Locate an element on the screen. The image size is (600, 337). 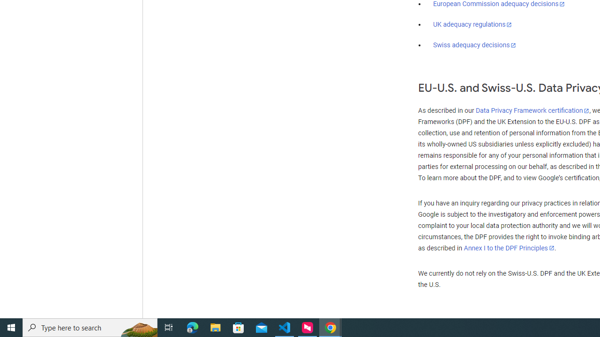
'European Commission adequacy decisions' is located at coordinates (498, 4).